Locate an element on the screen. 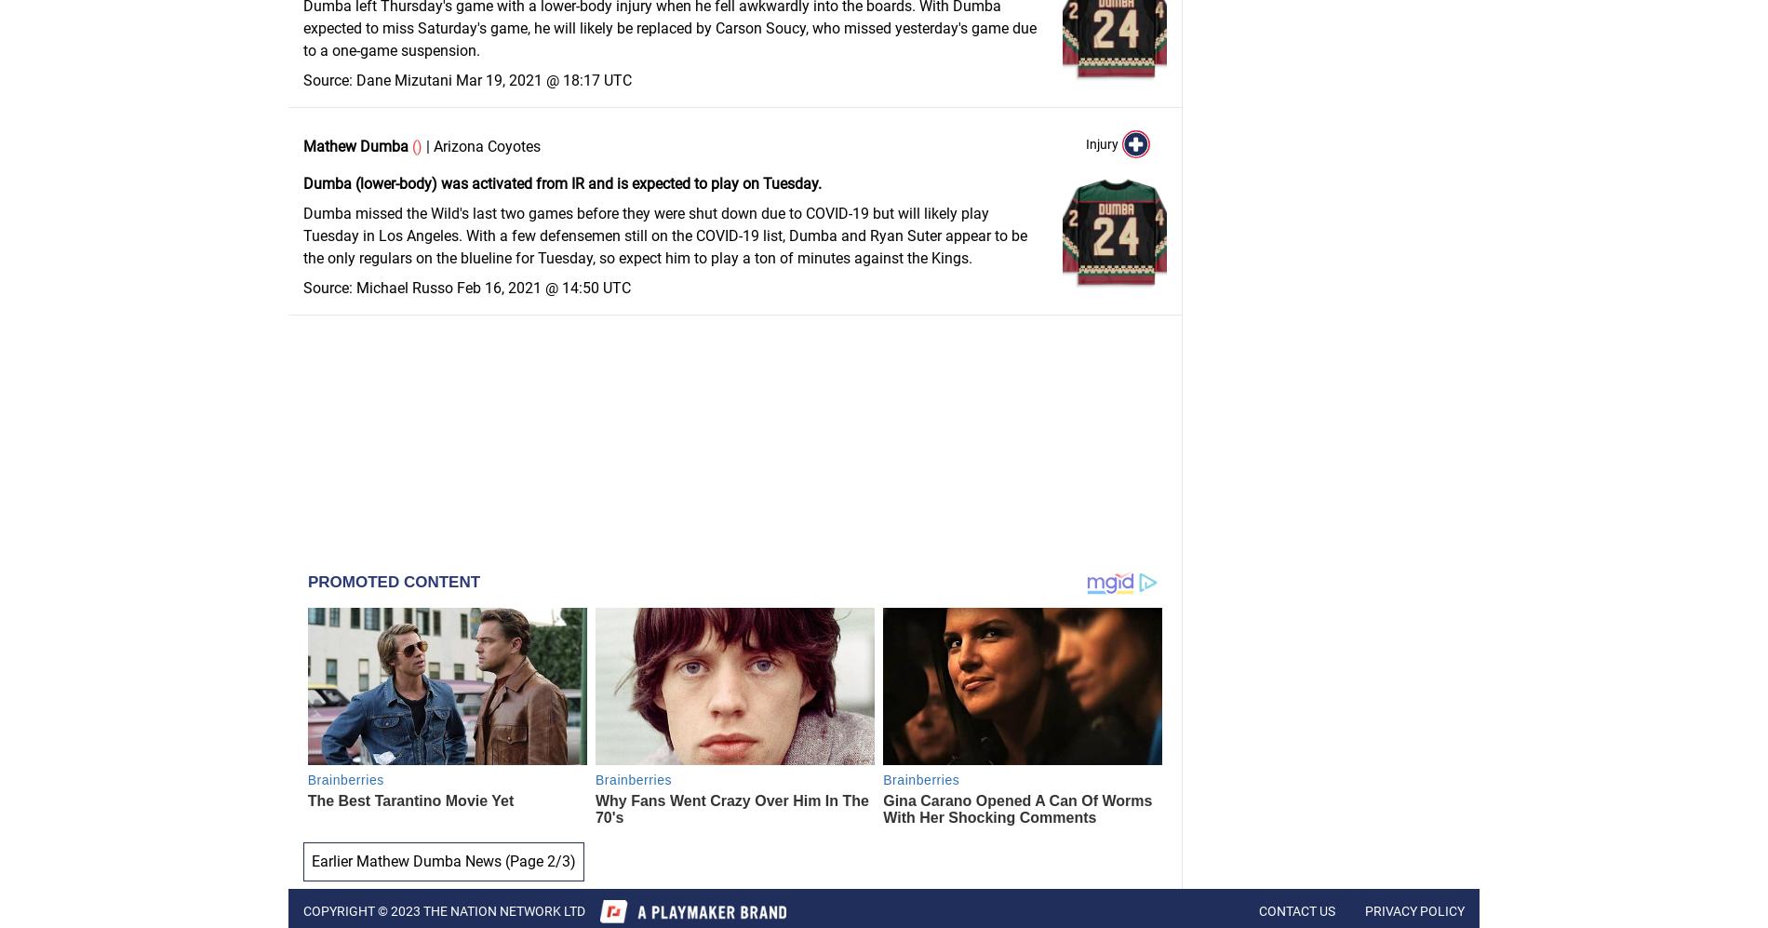  '3' is located at coordinates (566, 861).